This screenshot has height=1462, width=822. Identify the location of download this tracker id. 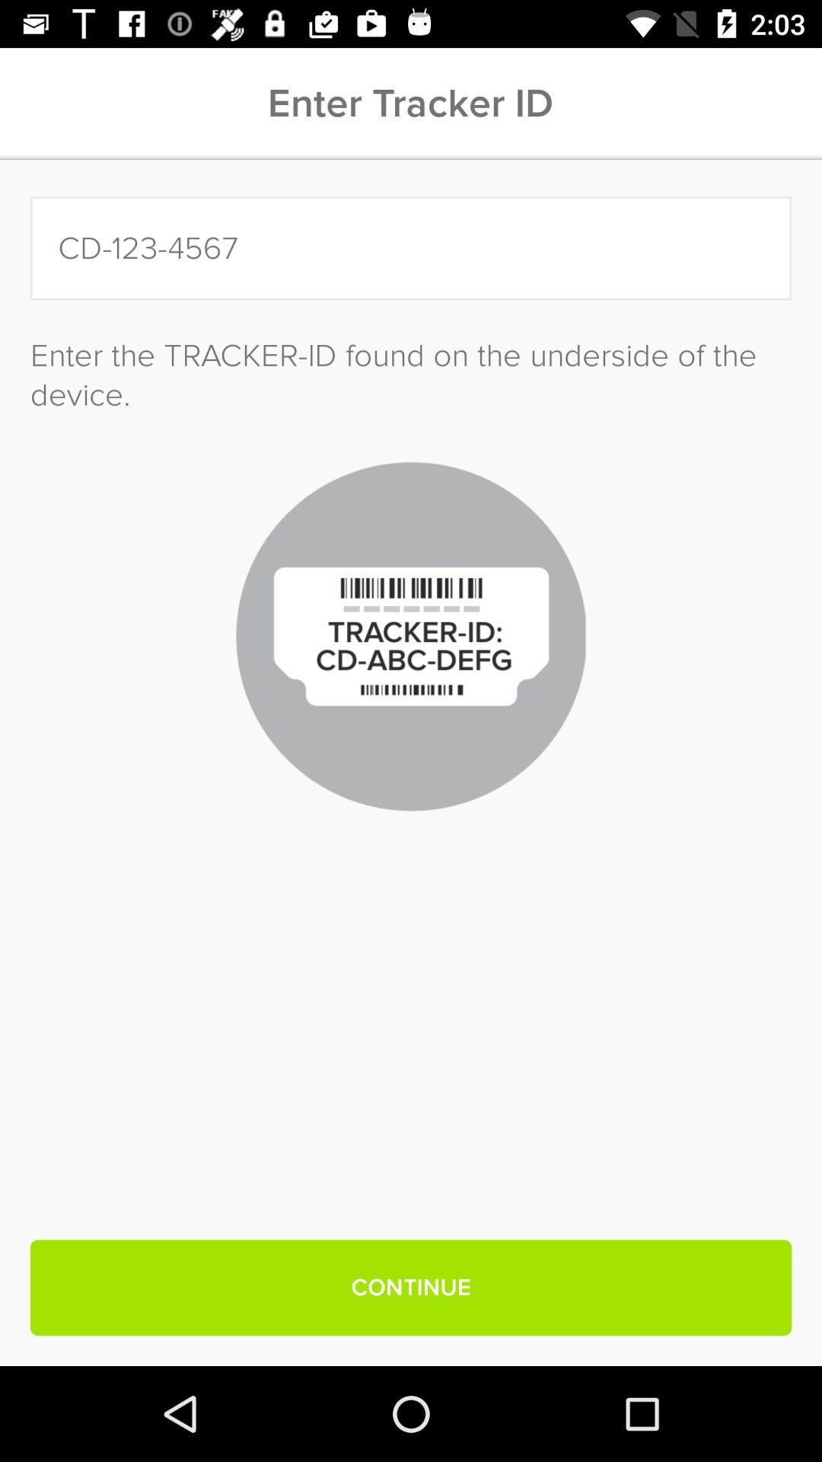
(411, 248).